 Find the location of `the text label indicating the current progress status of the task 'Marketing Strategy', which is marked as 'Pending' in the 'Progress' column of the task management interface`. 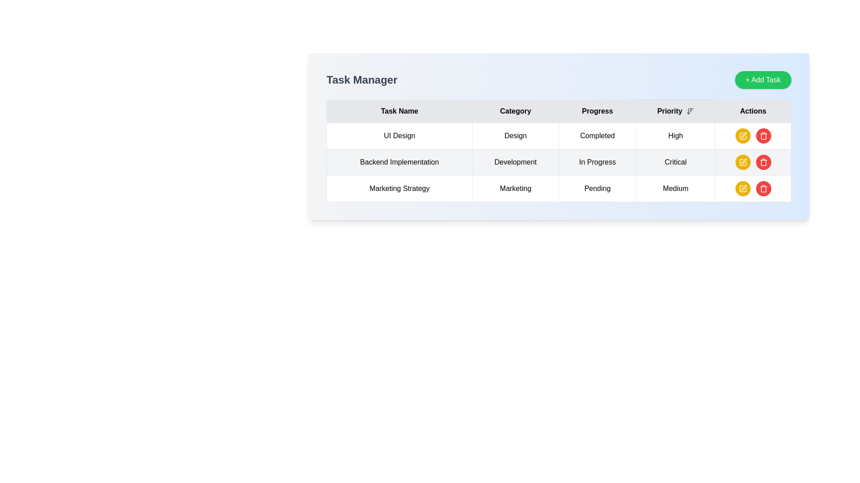

the text label indicating the current progress status of the task 'Marketing Strategy', which is marked as 'Pending' in the 'Progress' column of the task management interface is located at coordinates (598, 188).